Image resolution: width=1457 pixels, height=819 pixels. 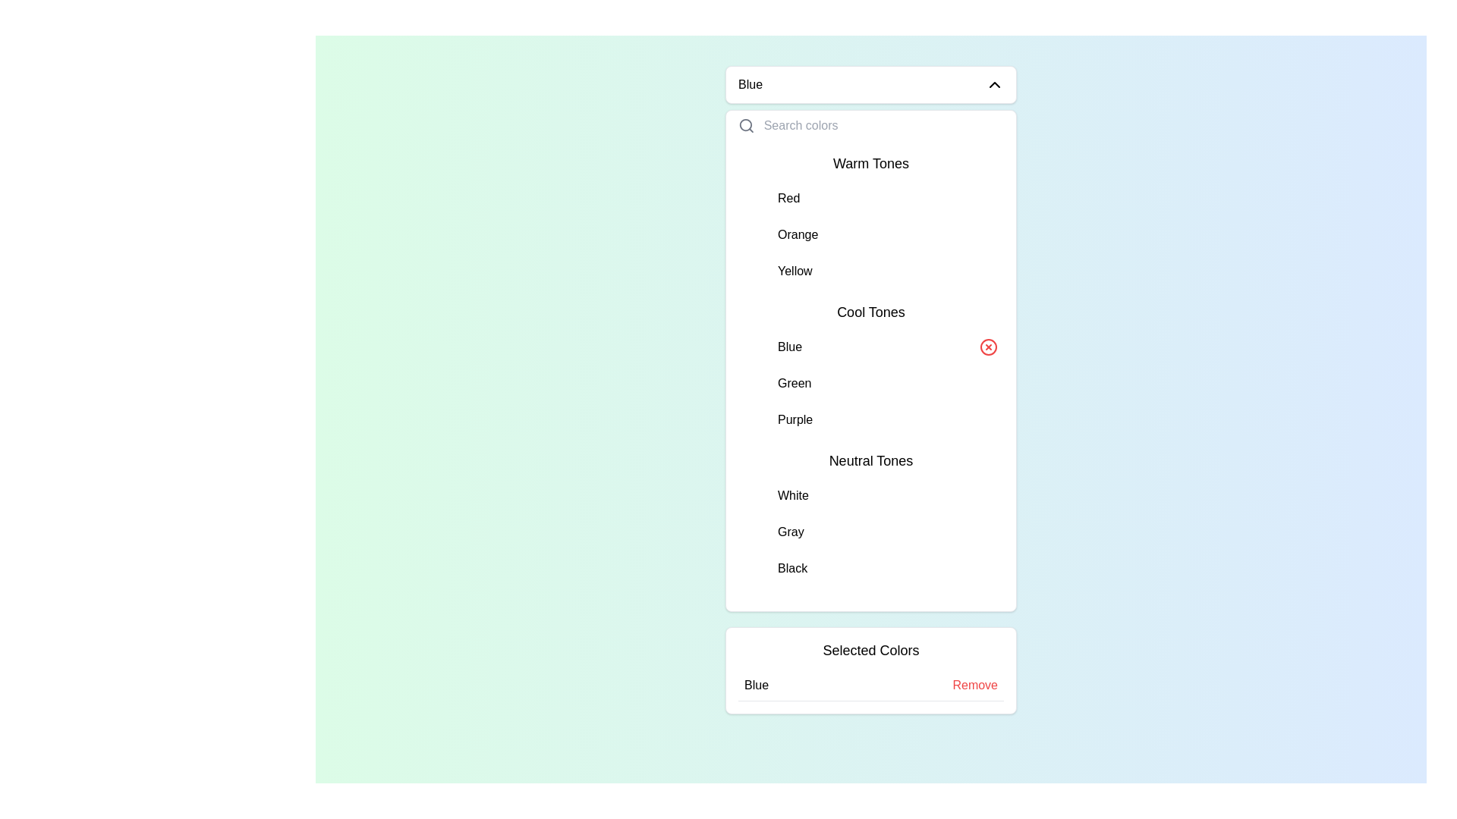 I want to click on the last list item representing the color option 'Black' located under the 'Neutral Tones' section, so click(x=870, y=568).